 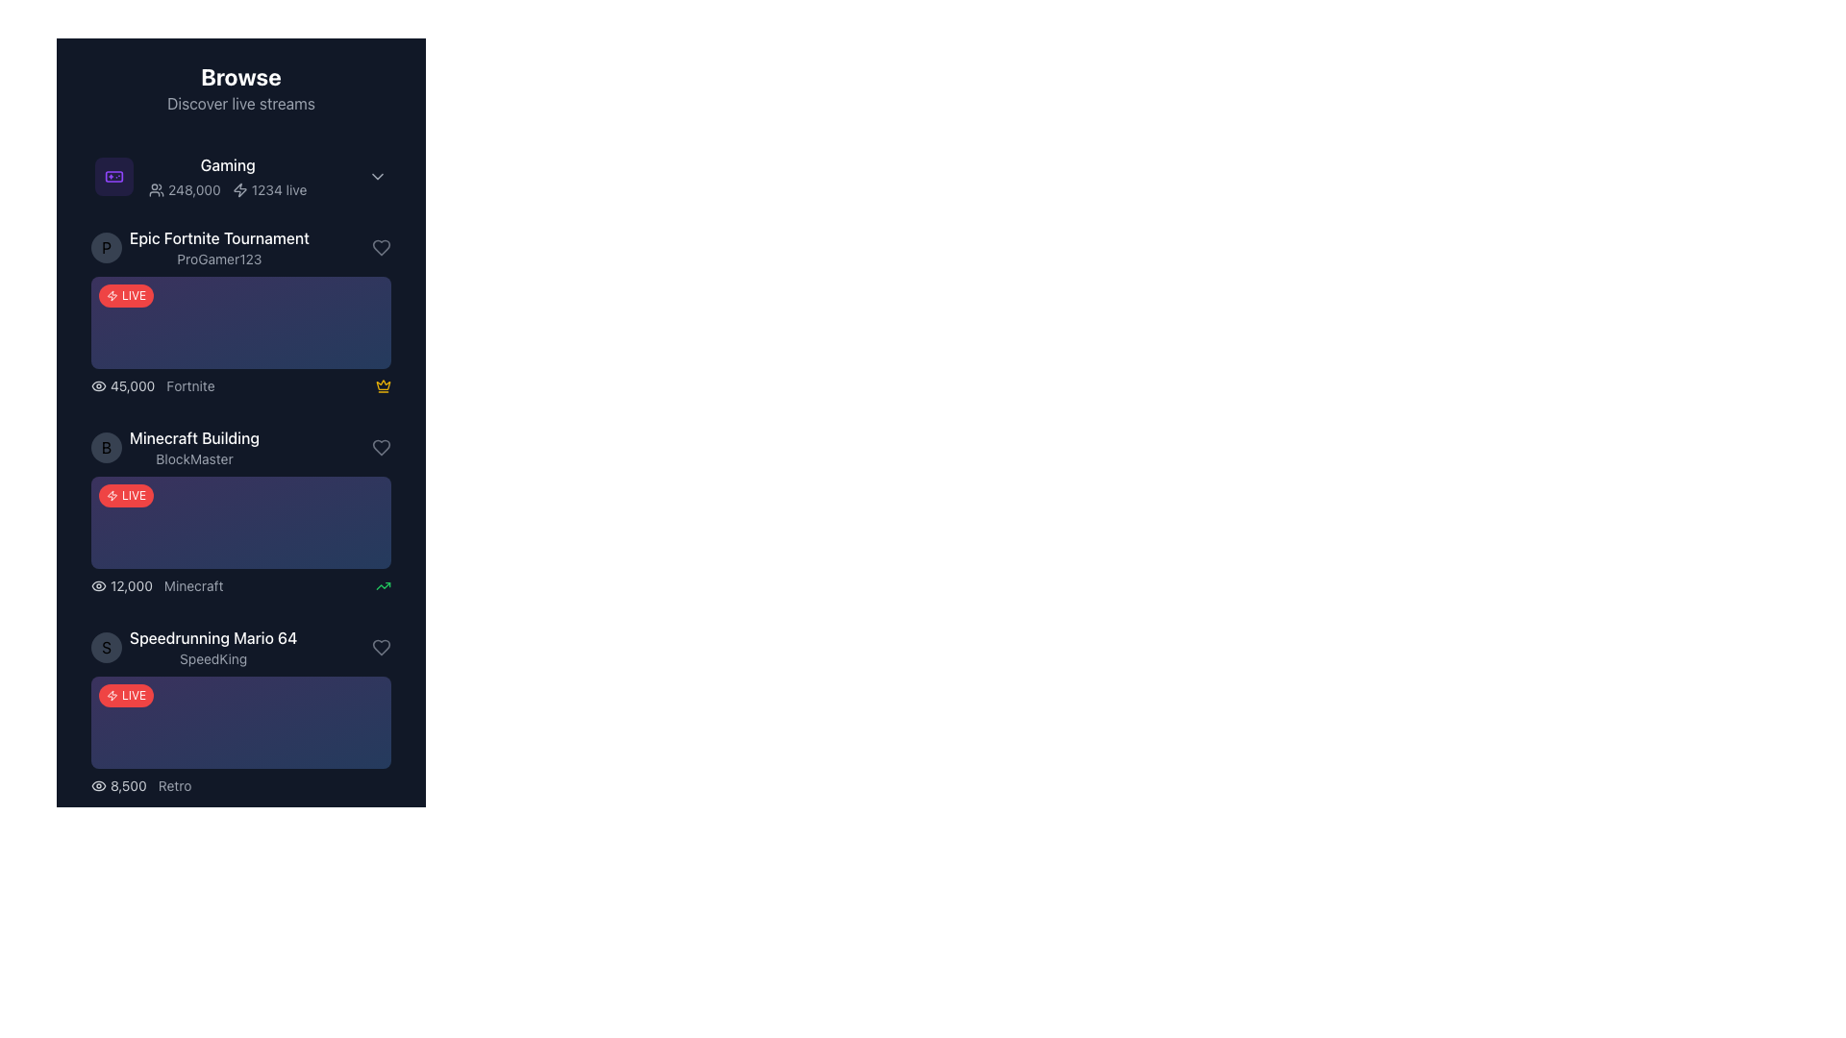 What do you see at coordinates (383, 384) in the screenshot?
I see `the yellow crown-shaped icon located beside the stream title 'Epic Fortnite Tournament' to observe potential tooltips or animations` at bounding box center [383, 384].